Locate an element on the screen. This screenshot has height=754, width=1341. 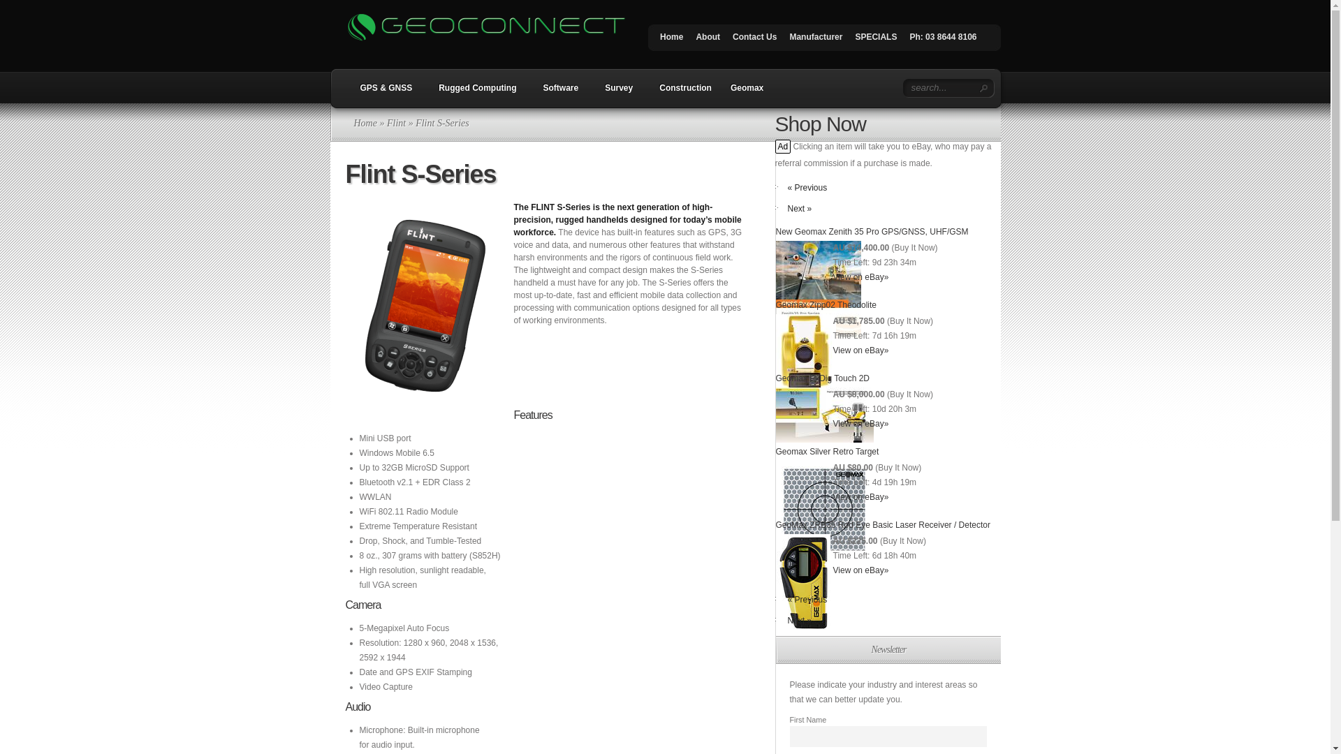
'Flint' is located at coordinates (395, 122).